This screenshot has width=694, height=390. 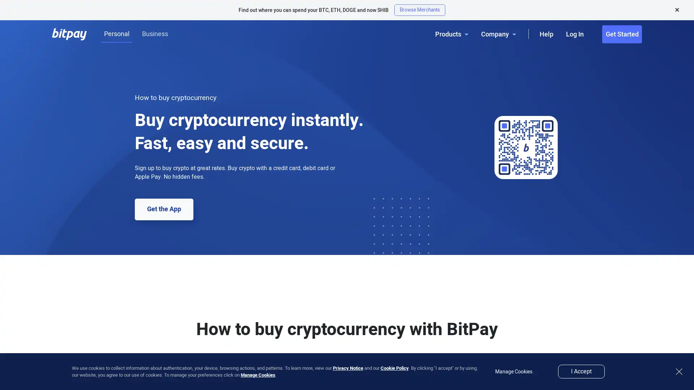 What do you see at coordinates (677, 10) in the screenshot?
I see `Close` at bounding box center [677, 10].